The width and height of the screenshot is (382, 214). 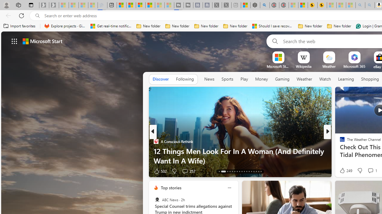 I want to click on 'Sports', so click(x=227, y=79).